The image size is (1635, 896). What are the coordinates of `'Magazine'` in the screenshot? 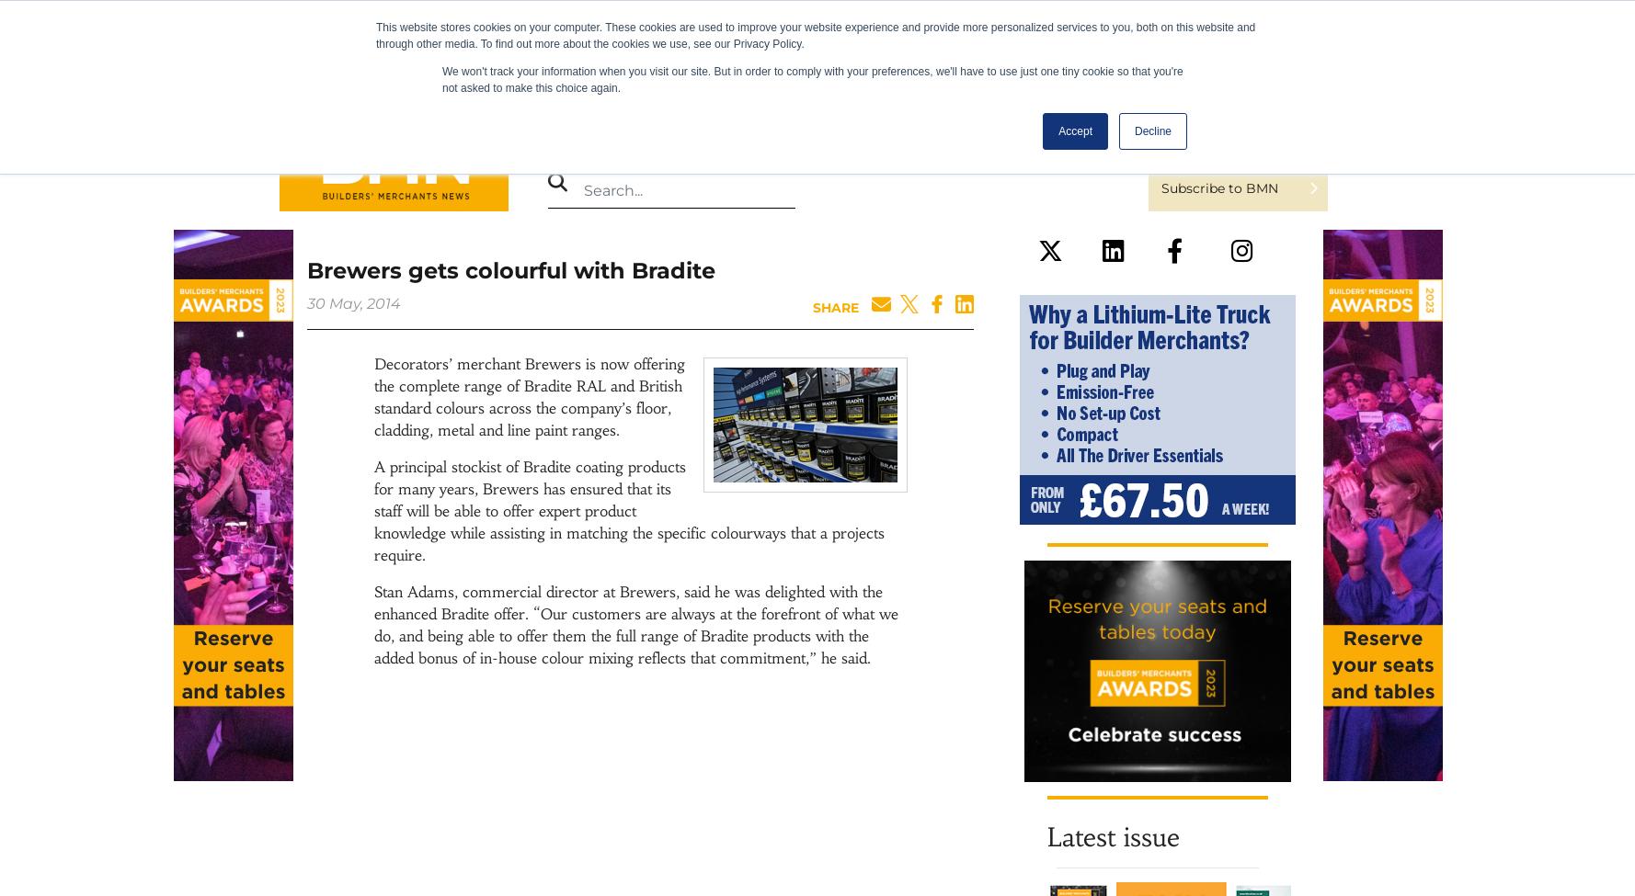 It's located at (651, 136).